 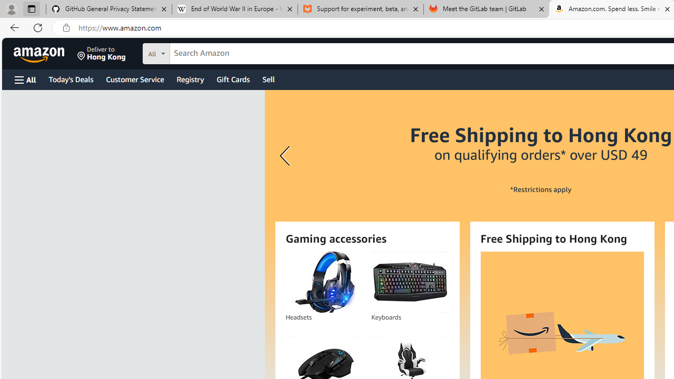 I want to click on 'Previous slide', so click(x=286, y=156).